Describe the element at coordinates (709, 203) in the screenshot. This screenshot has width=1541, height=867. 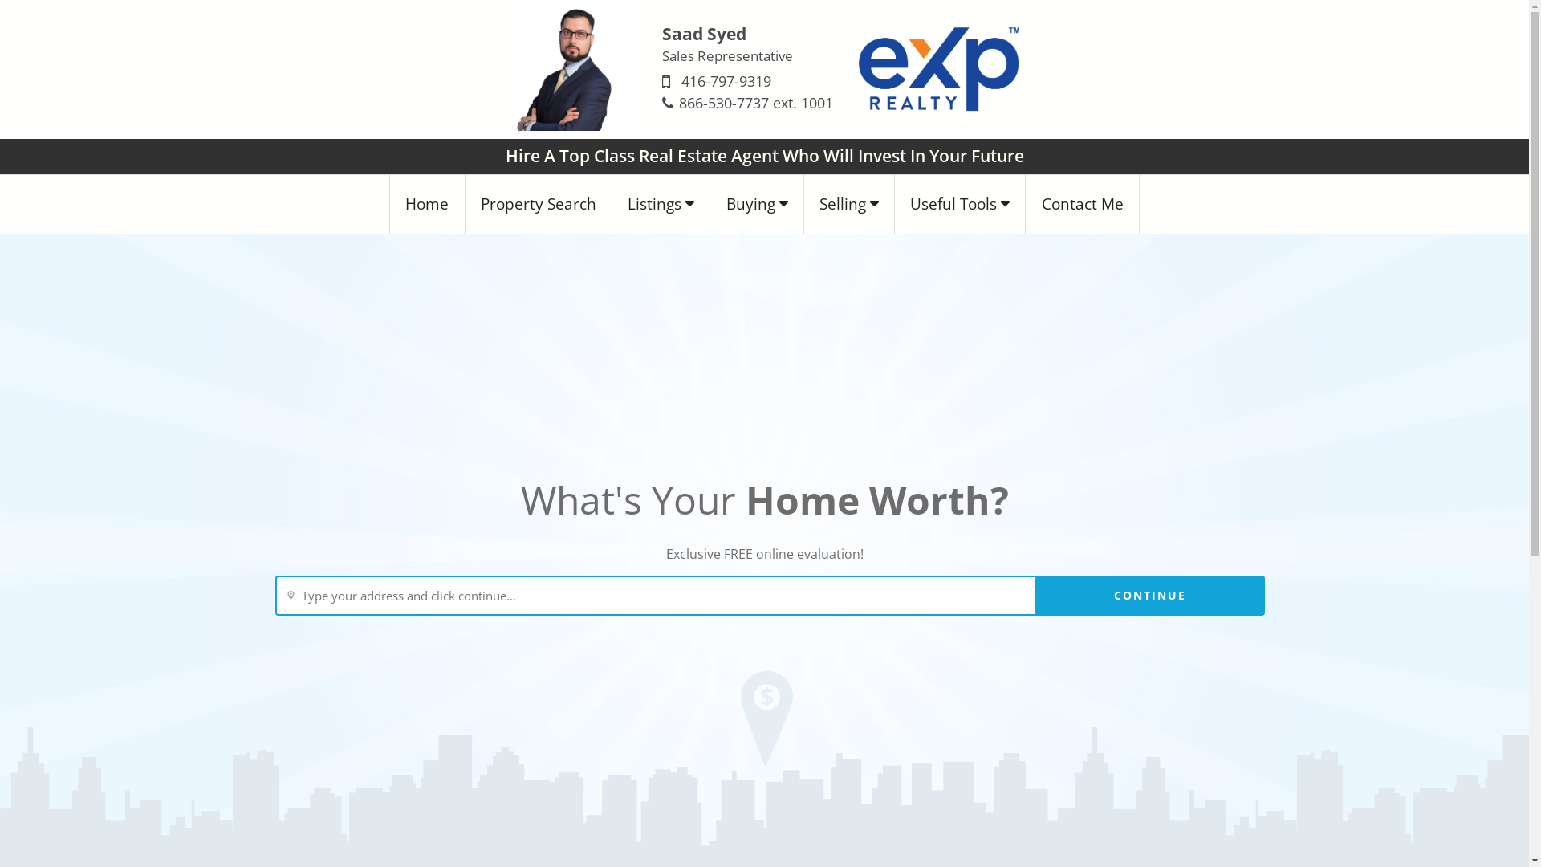
I see `'Buying'` at that location.